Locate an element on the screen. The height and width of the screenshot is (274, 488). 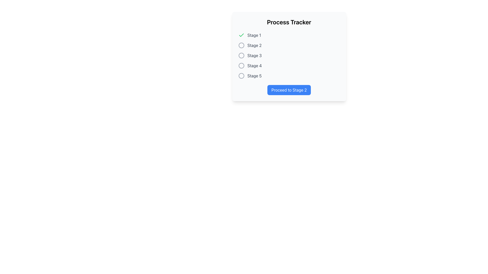
the Status indicator labeled 'Stage 1' with a green checkmark to receive additional information is located at coordinates (289, 35).